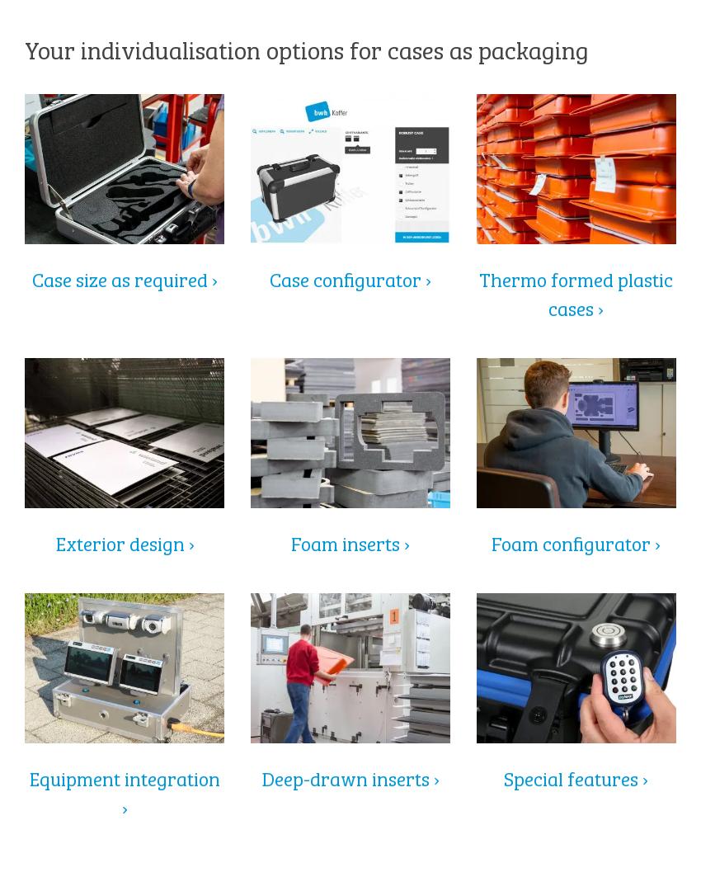 Image resolution: width=701 pixels, height=877 pixels. What do you see at coordinates (124, 277) in the screenshot?
I see `'Case size as required ›'` at bounding box center [124, 277].